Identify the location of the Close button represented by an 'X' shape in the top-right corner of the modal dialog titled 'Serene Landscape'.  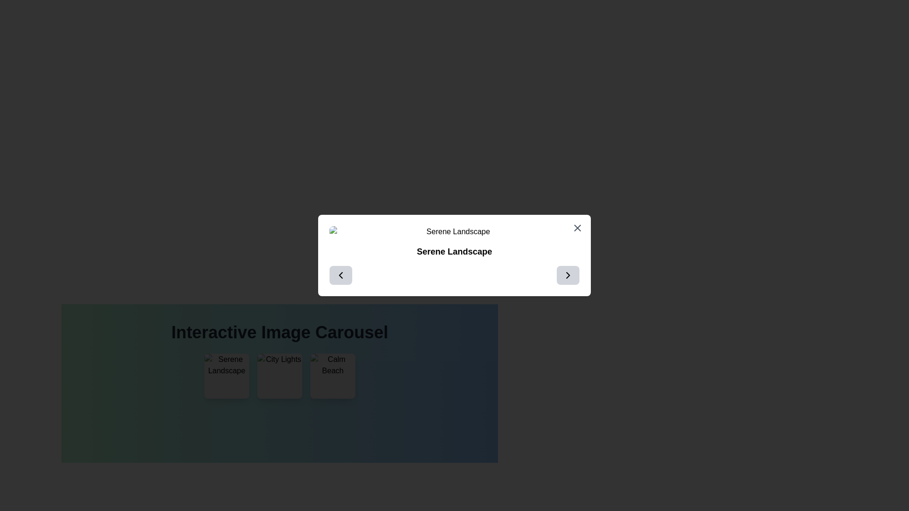
(577, 228).